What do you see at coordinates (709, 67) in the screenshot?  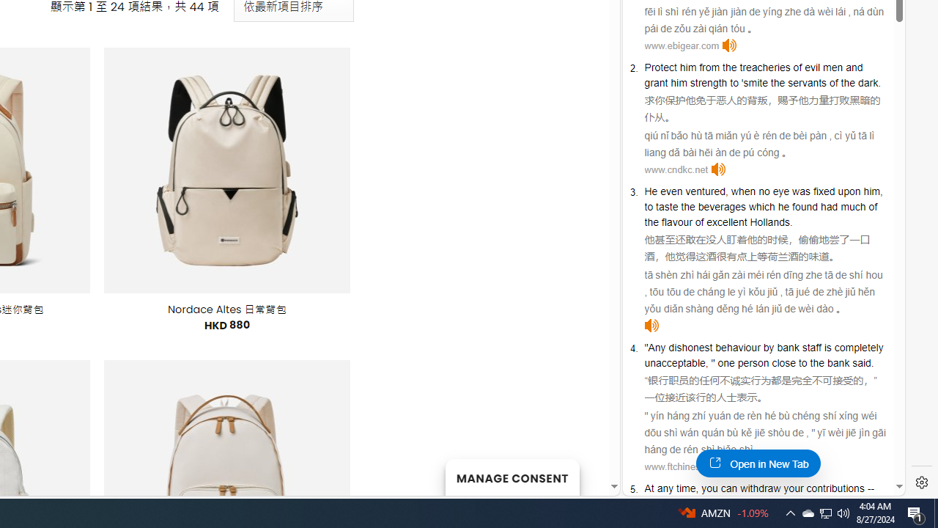 I see `'from'` at bounding box center [709, 67].